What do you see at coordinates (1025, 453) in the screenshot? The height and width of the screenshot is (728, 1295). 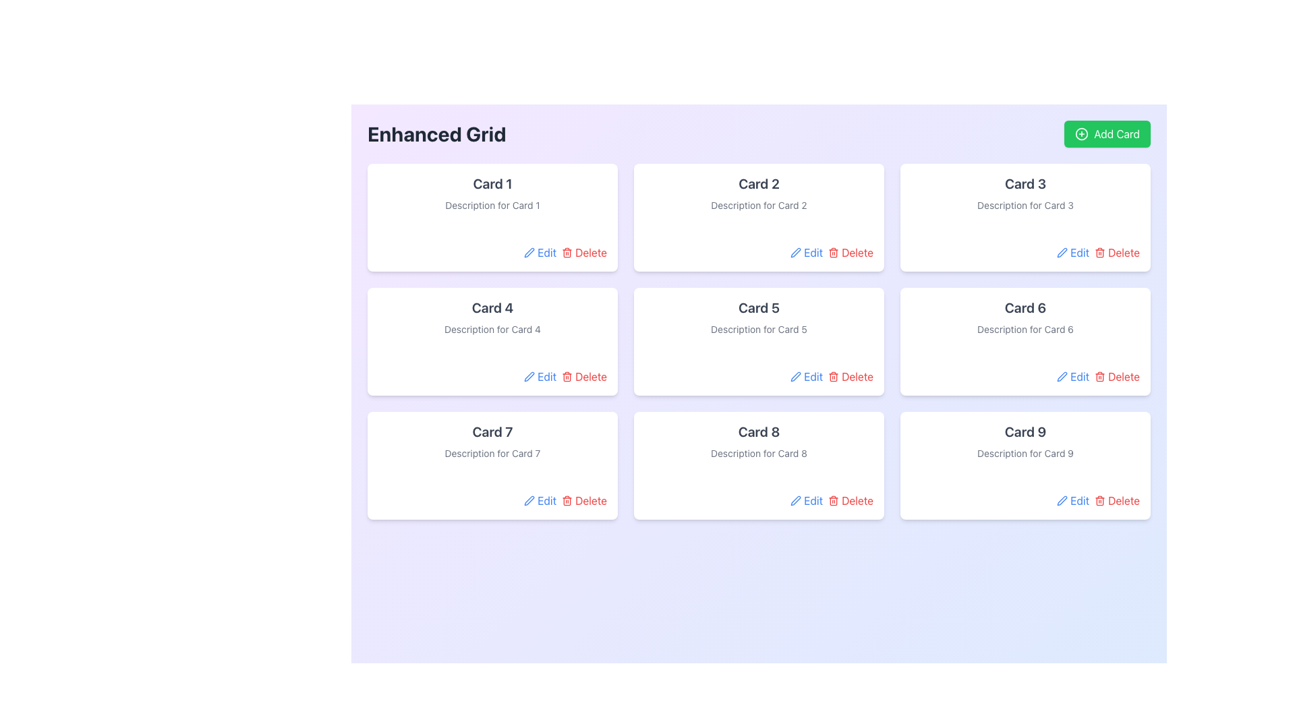 I see `the text label stating 'Description for Card 9', which is styled in a smaller font size and light-gray color, located beneath the main title of 'Card 9'` at bounding box center [1025, 453].